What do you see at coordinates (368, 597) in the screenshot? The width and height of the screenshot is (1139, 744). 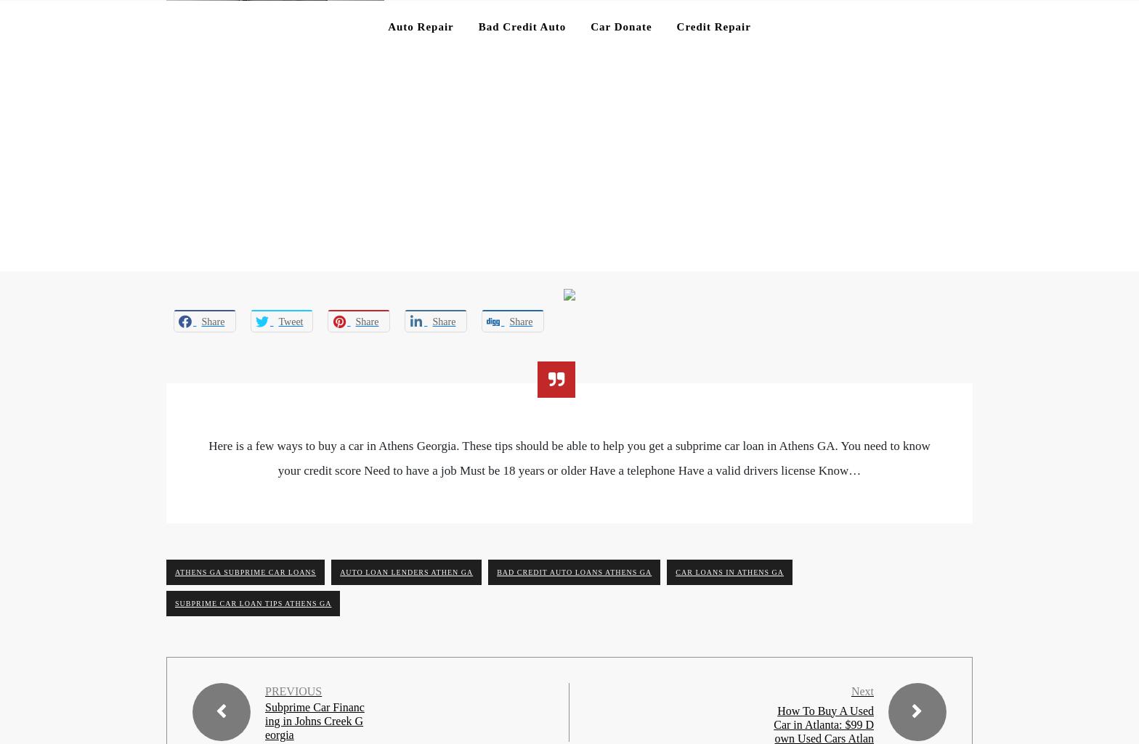 I see `'Save my name, email, and website in this browser for the next time I comment.'` at bounding box center [368, 597].